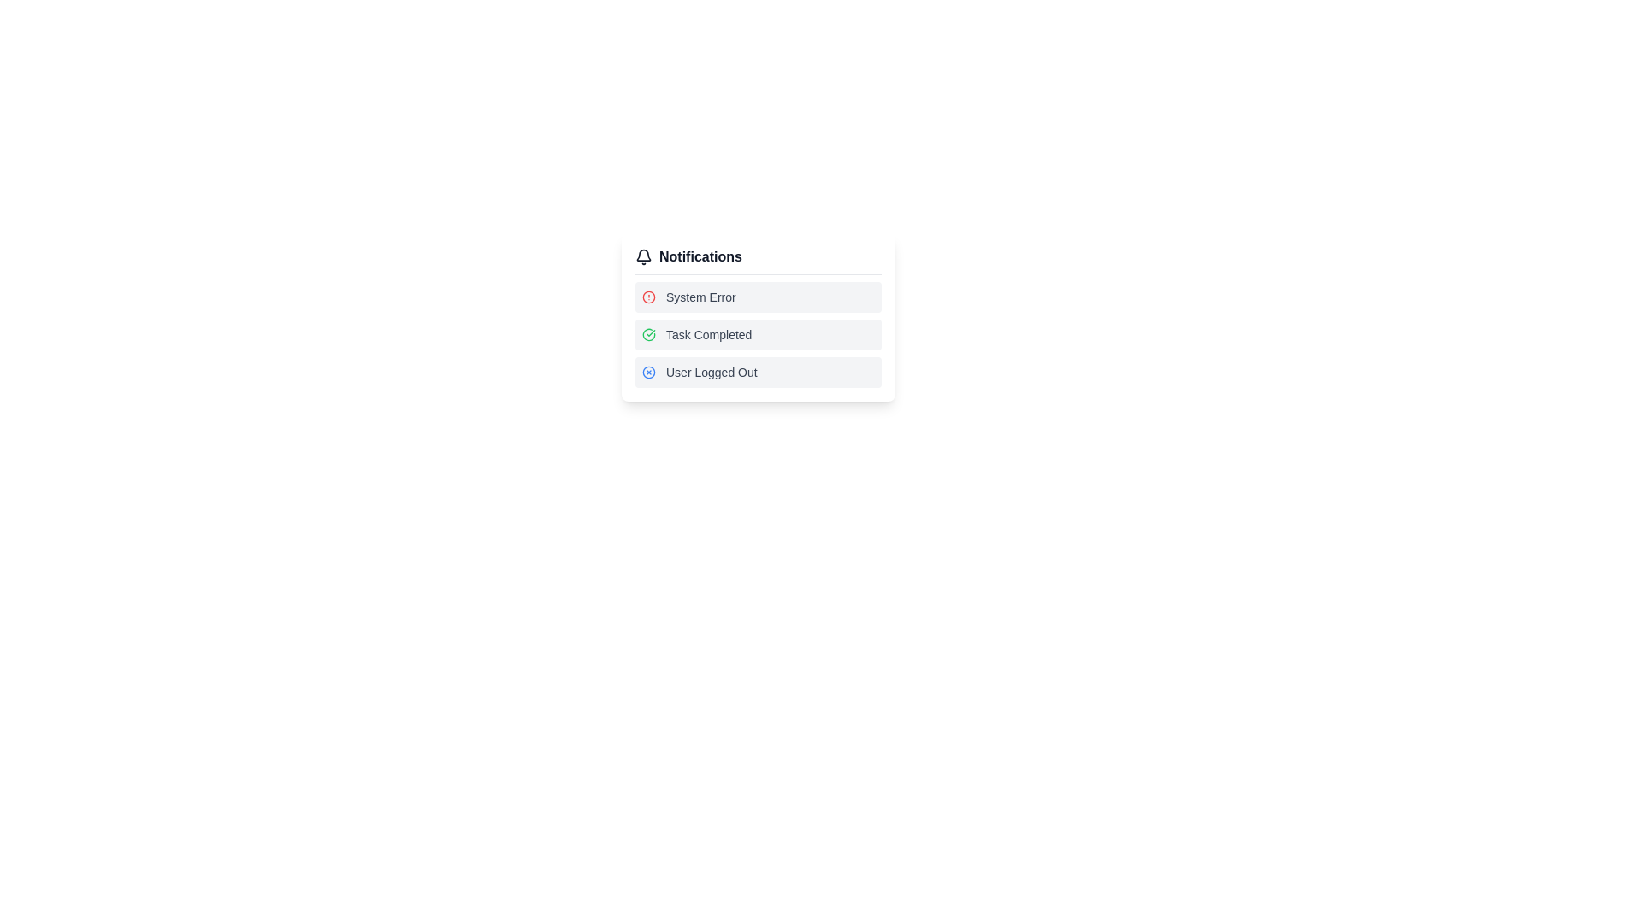 The height and width of the screenshot is (923, 1642). Describe the element at coordinates (758, 371) in the screenshot. I see `the third notification item labeled 'User Logged Out' using keyboard focus` at that location.